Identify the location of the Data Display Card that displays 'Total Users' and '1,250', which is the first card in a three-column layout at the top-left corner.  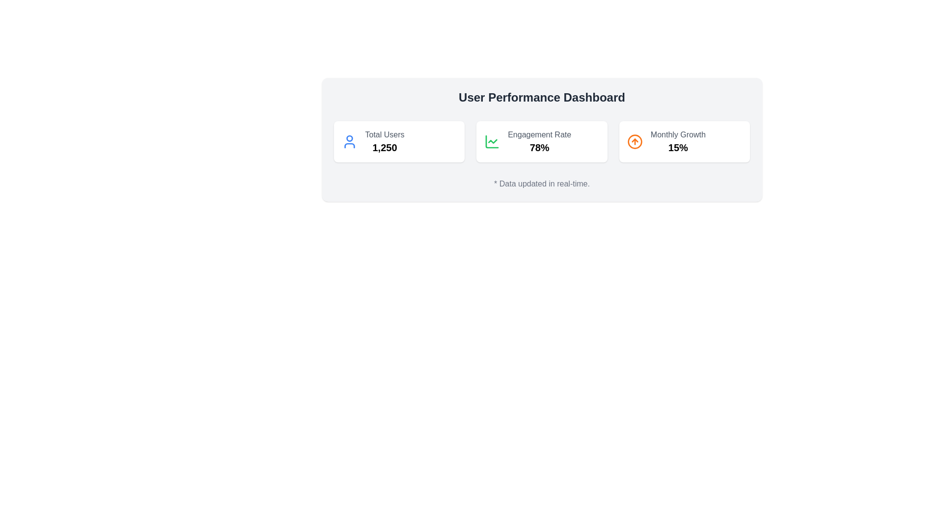
(399, 142).